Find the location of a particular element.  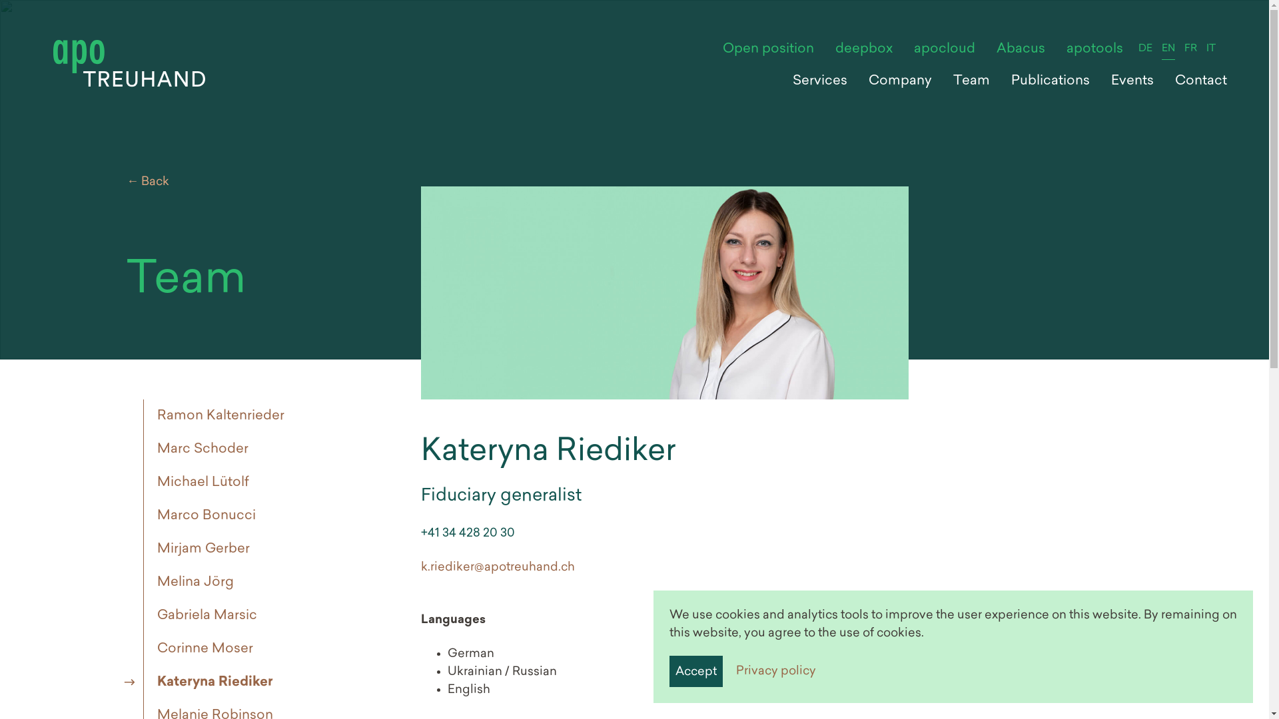

'Open position' is located at coordinates (768, 48).